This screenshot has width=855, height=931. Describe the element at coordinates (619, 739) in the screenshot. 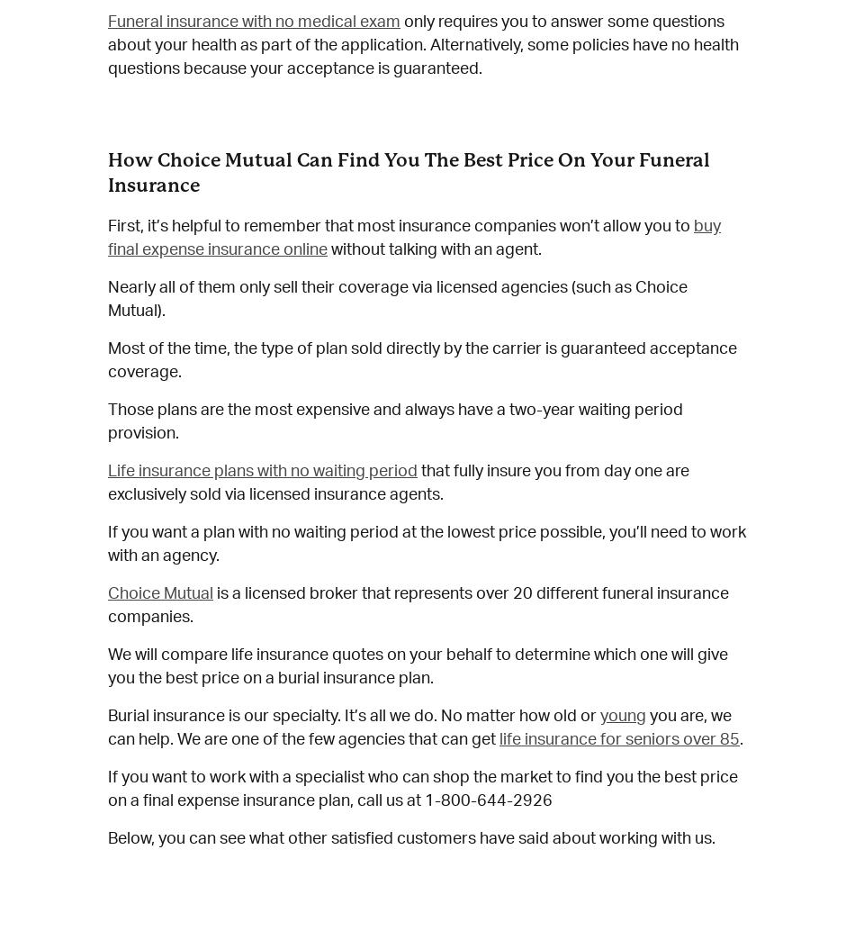

I see `'life insurance for seniors over 85'` at that location.